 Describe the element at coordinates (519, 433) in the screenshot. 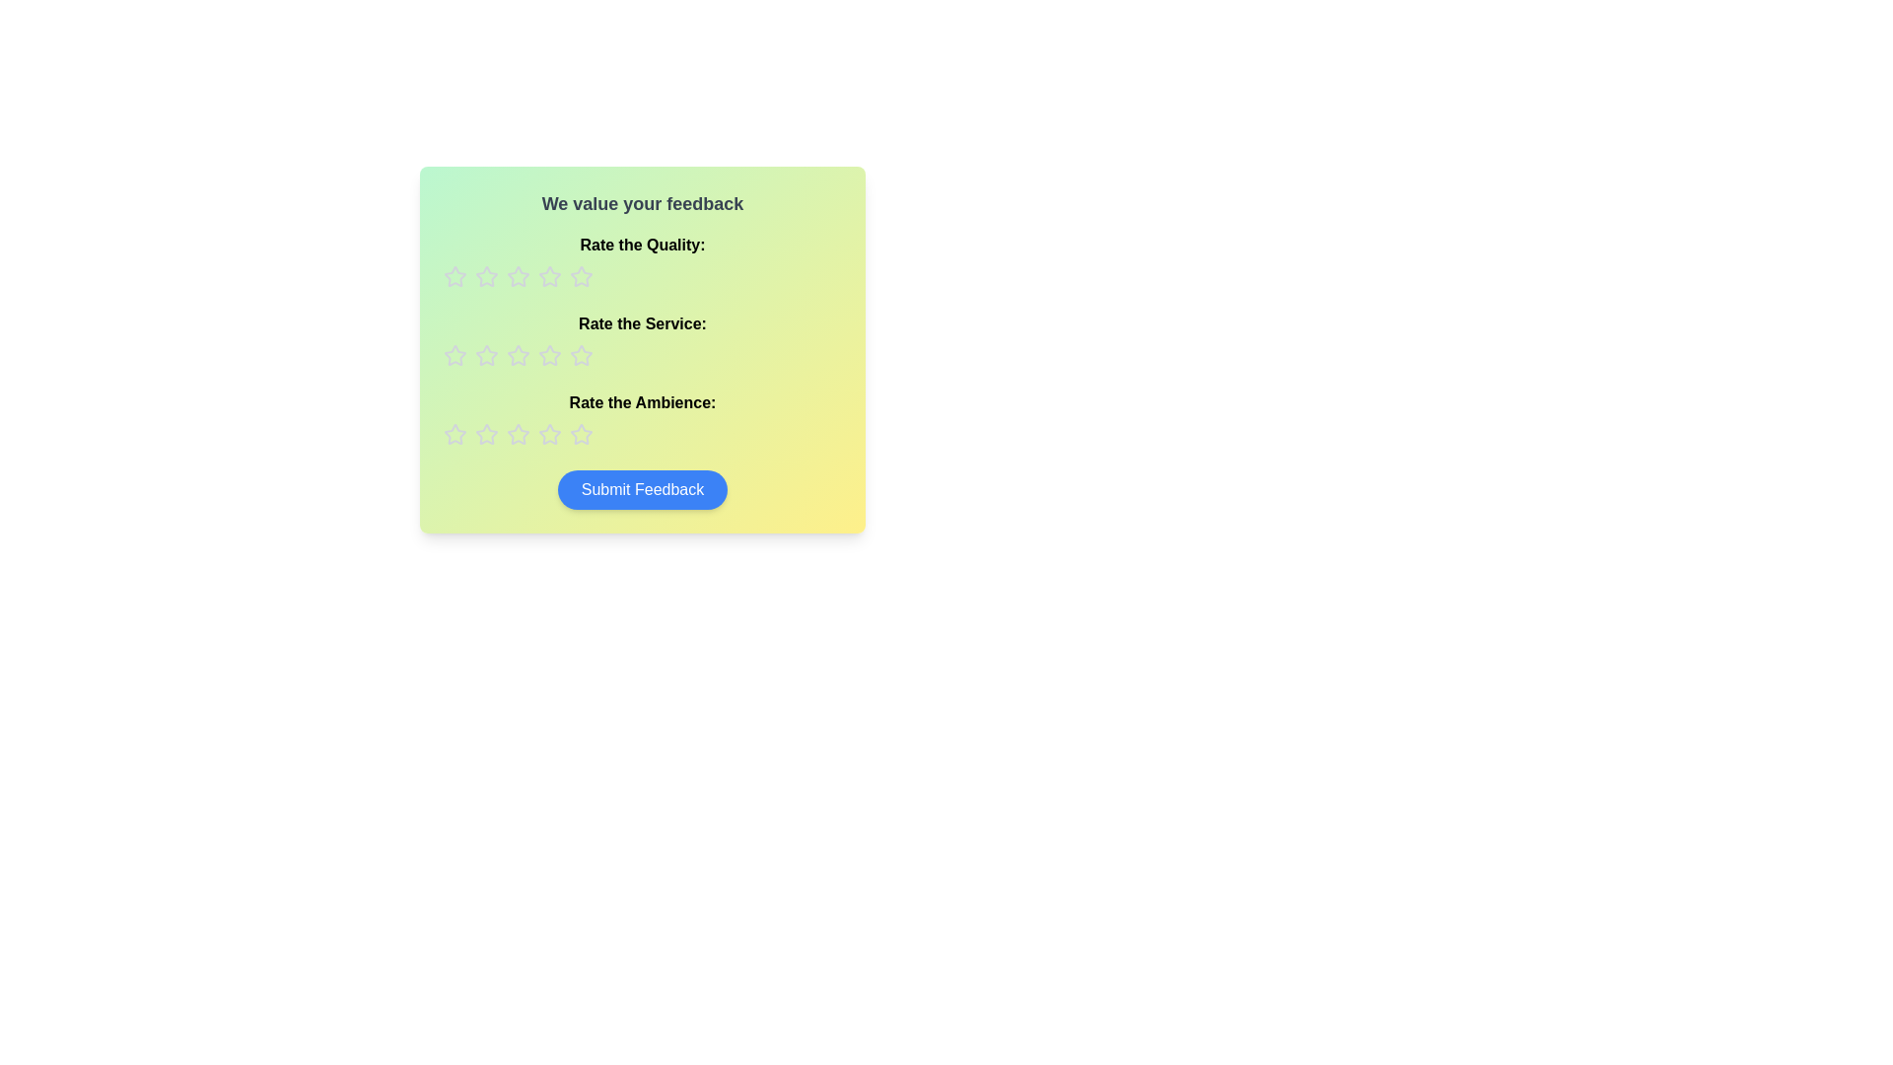

I see `the third star in the 'Rate the Ambience' rating group` at that location.